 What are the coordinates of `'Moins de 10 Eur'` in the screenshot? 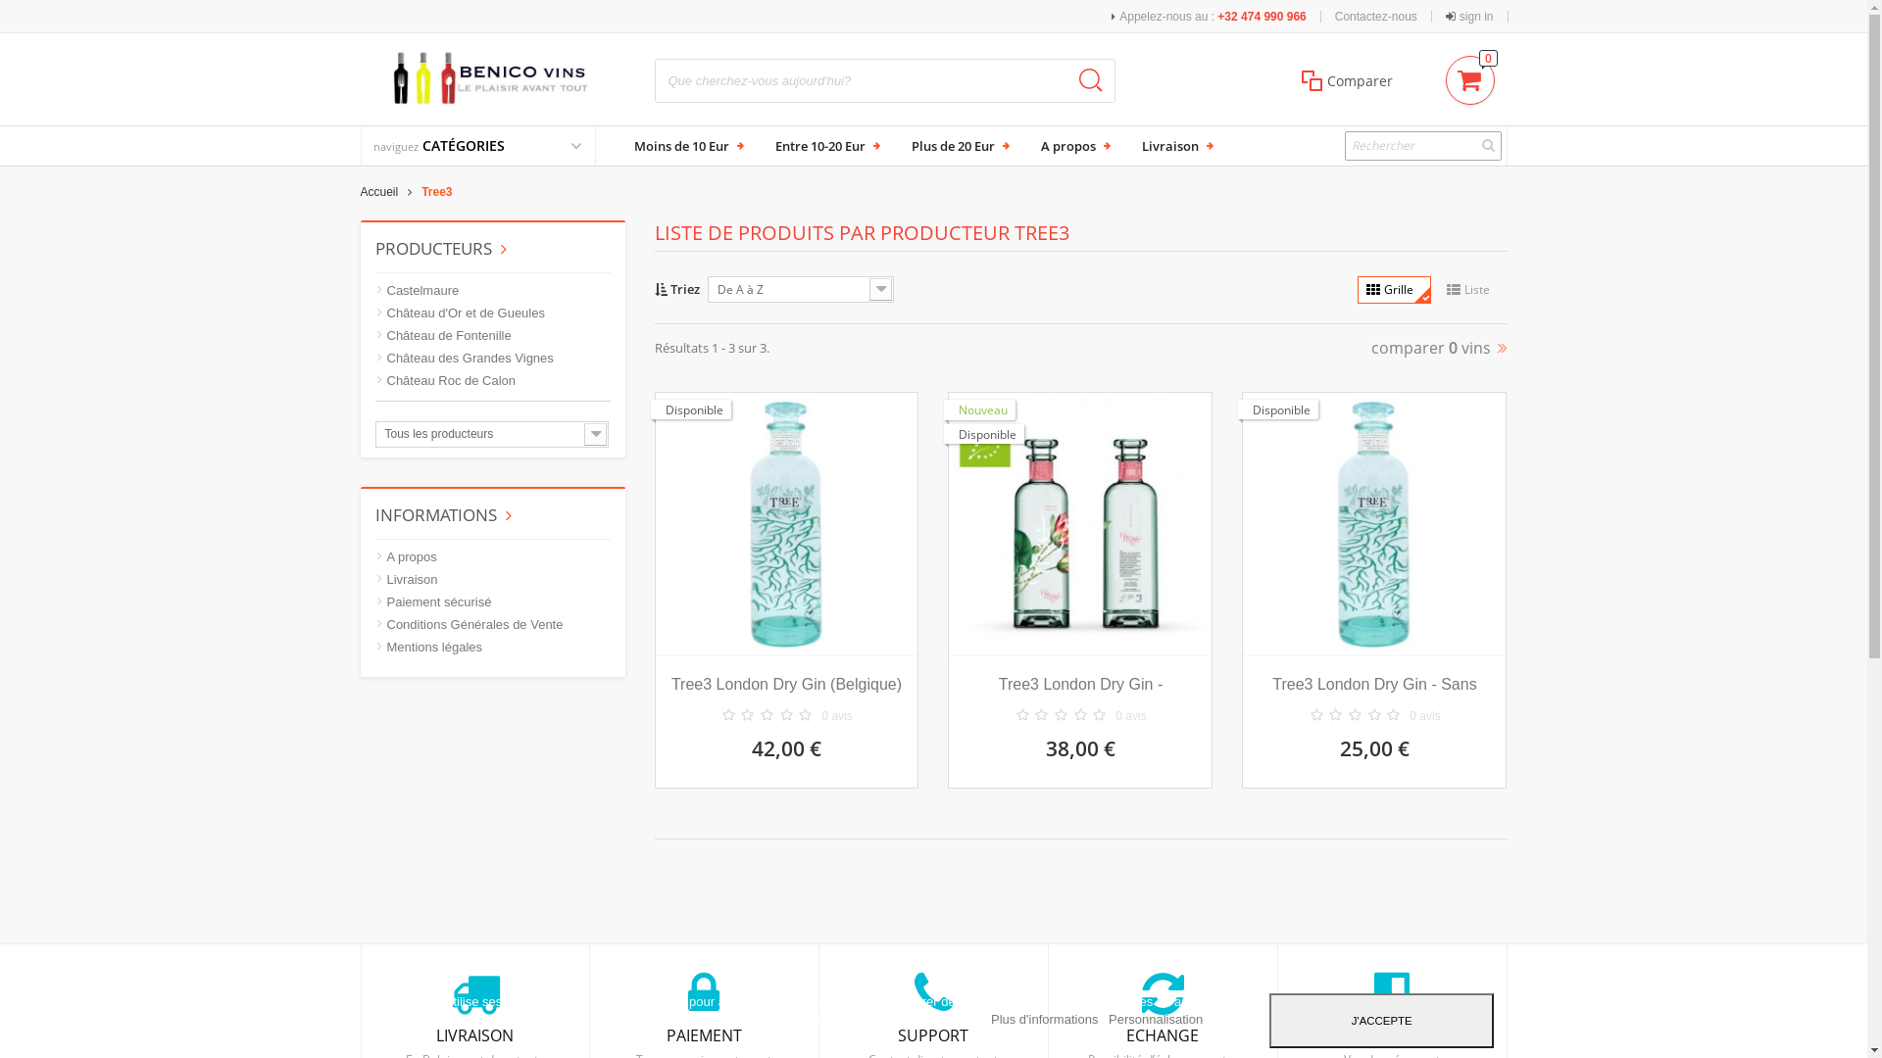 It's located at (686, 145).